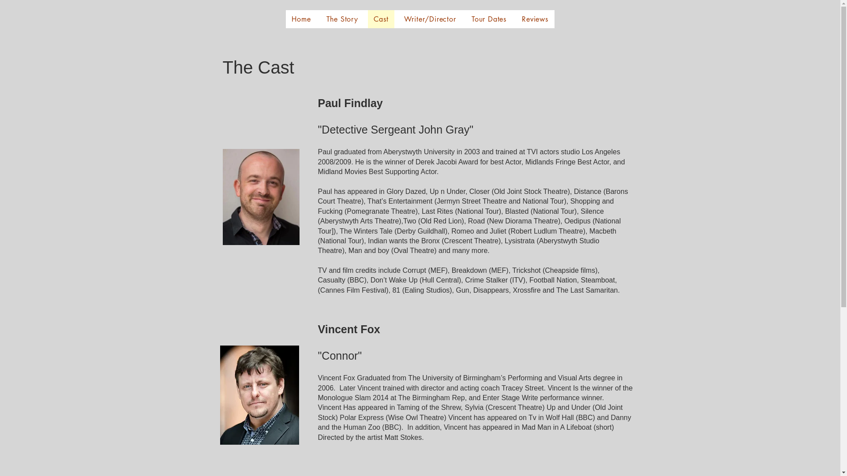 The image size is (847, 476). Describe the element at coordinates (516, 19) in the screenshot. I see `'Reviews'` at that location.